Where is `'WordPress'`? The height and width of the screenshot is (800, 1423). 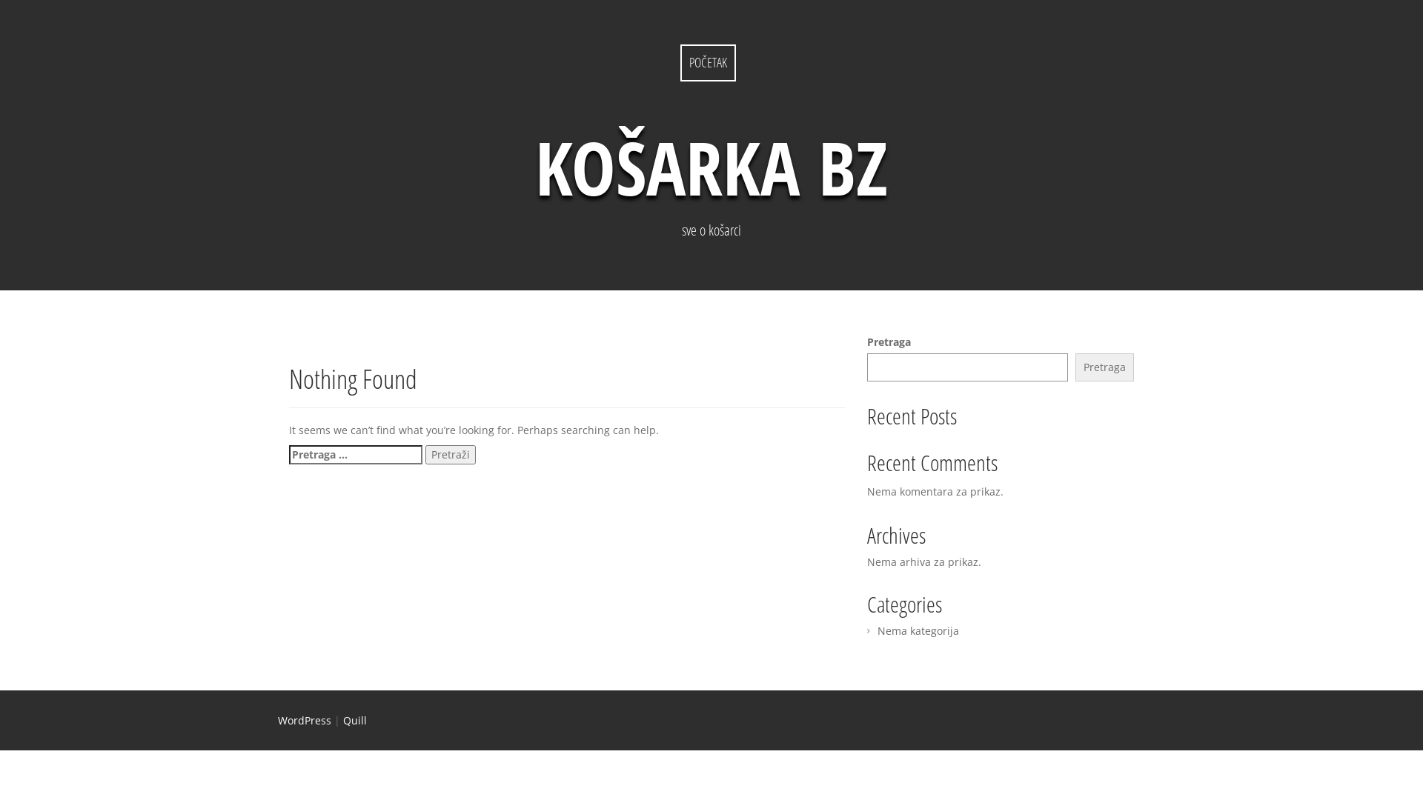 'WordPress' is located at coordinates (304, 719).